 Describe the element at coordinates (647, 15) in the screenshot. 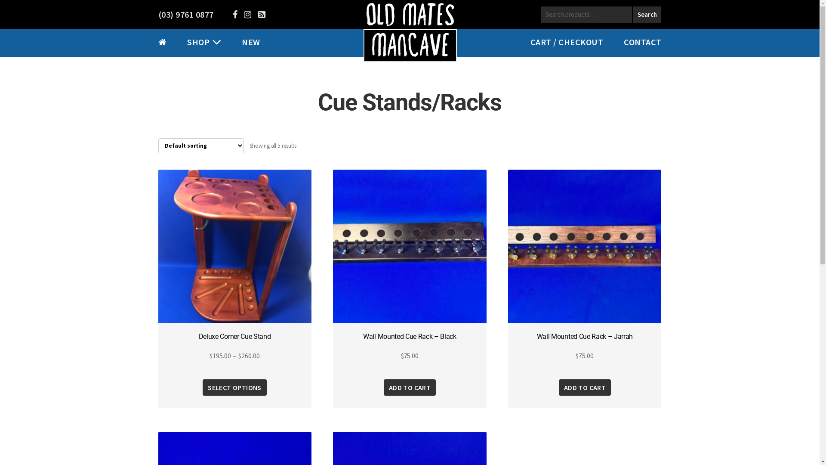

I see `'Search'` at that location.